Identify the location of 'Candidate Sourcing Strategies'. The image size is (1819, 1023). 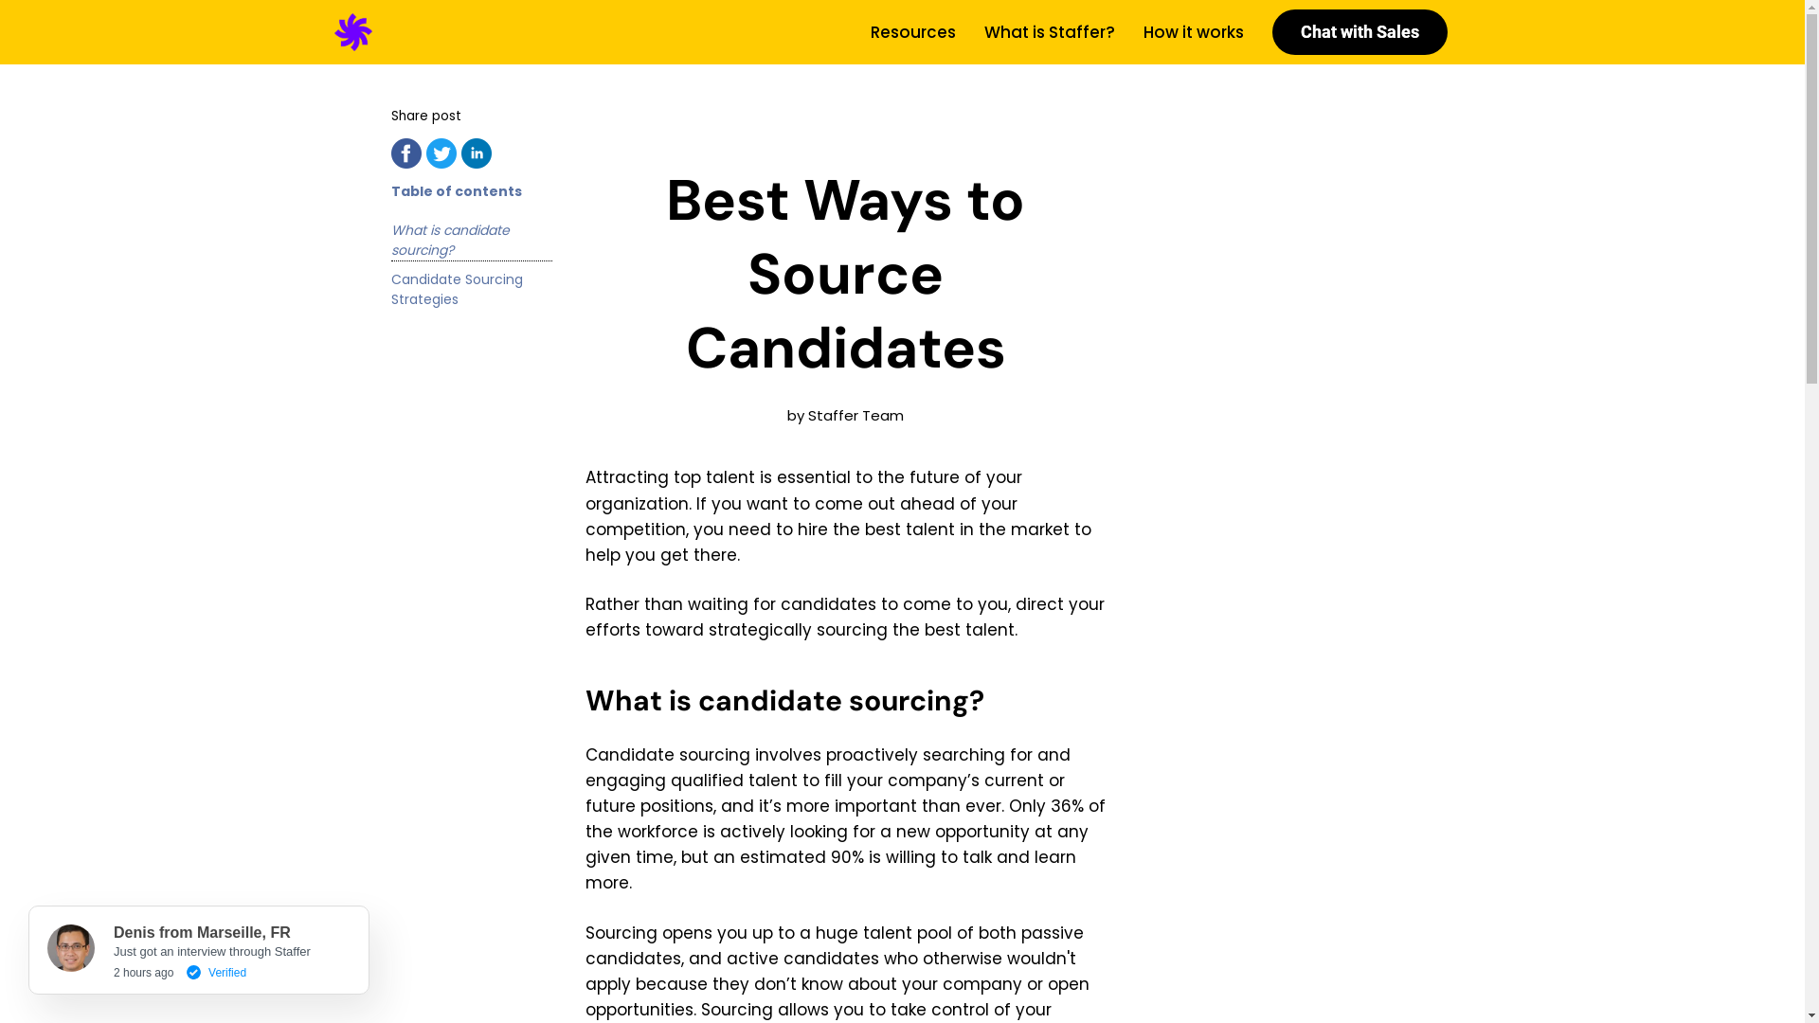
(471, 289).